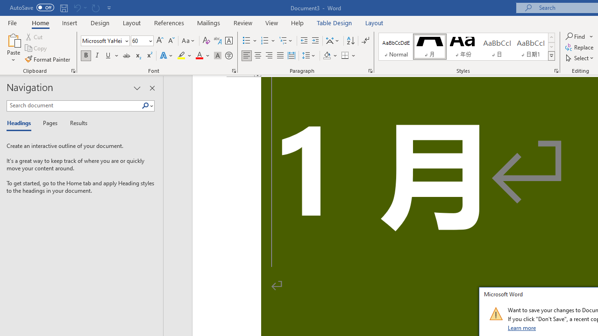 Image resolution: width=598 pixels, height=336 pixels. What do you see at coordinates (152, 88) in the screenshot?
I see `'Close pane'` at bounding box center [152, 88].